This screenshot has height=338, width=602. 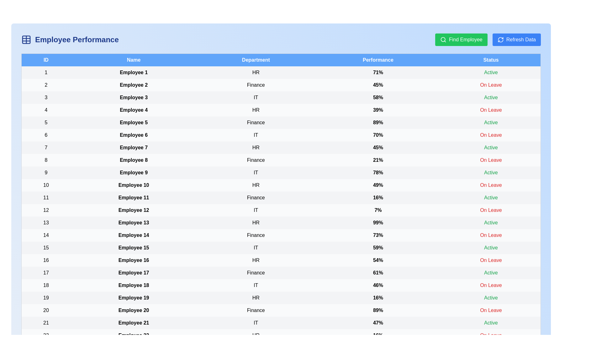 I want to click on the 'Find Employee' button, so click(x=461, y=40).